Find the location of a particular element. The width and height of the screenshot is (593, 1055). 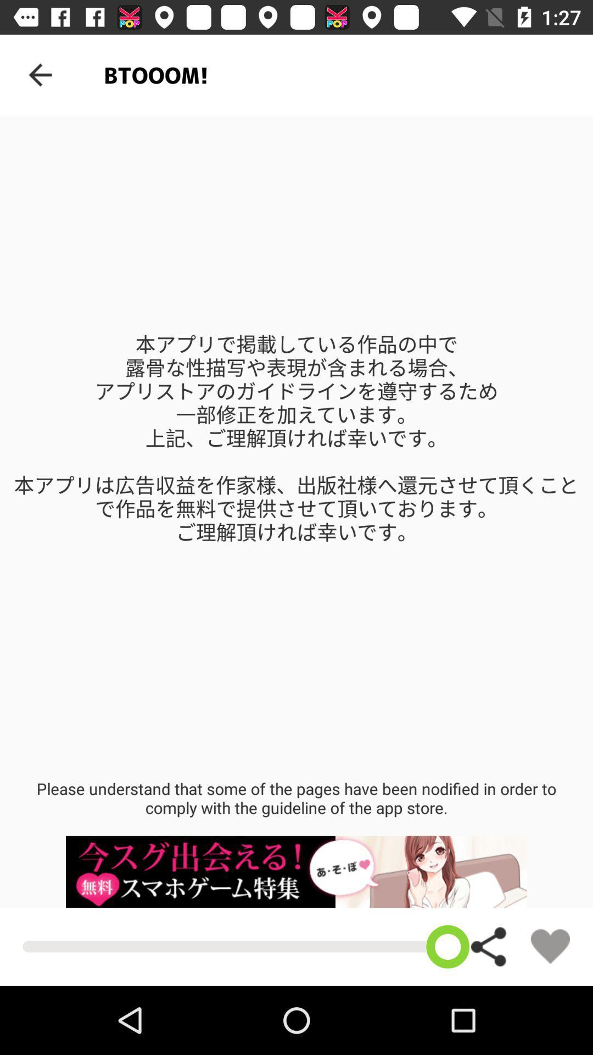

mark as favorite is located at coordinates (550, 946).